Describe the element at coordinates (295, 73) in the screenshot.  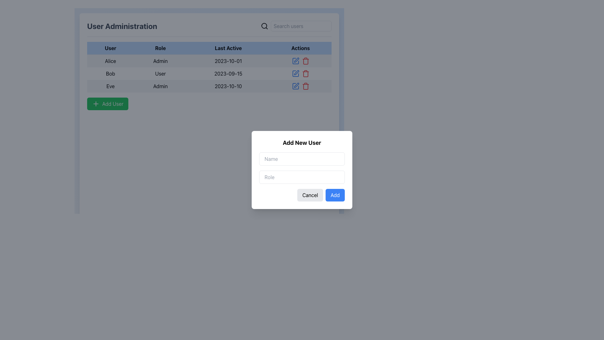
I see `the interactive edit icon in the 'Actions' column for the user 'Bob', which is the first element before the red trash icon` at that location.